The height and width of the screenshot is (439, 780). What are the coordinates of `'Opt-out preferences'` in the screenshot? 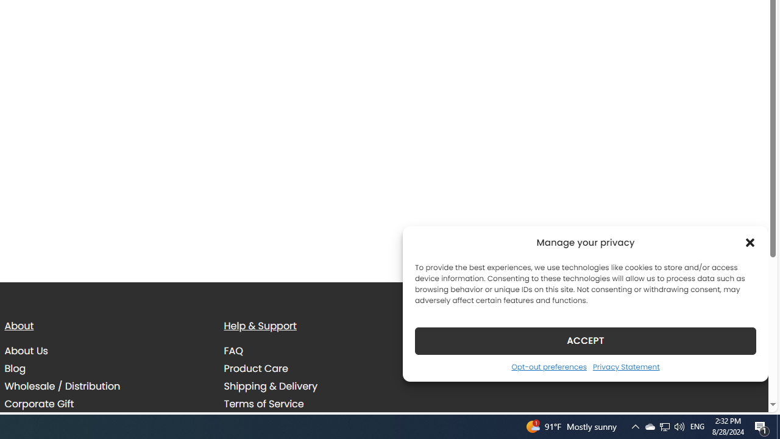 It's located at (548, 366).